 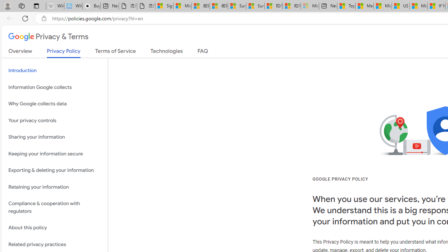 What do you see at coordinates (364, 6) in the screenshot?
I see `'Marine life - MSN'` at bounding box center [364, 6].